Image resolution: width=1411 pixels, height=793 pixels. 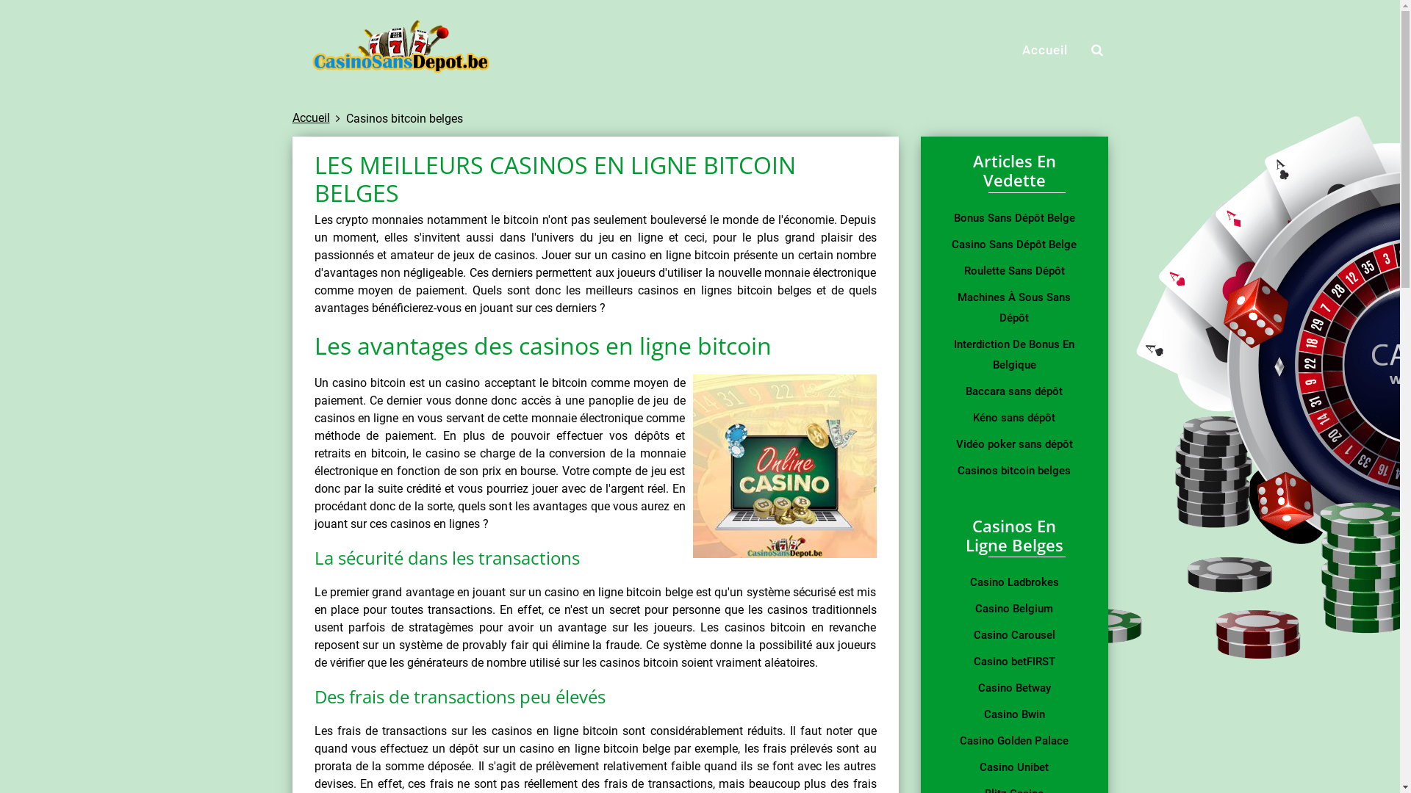 What do you see at coordinates (1013, 582) in the screenshot?
I see `'Casino Ladbrokes'` at bounding box center [1013, 582].